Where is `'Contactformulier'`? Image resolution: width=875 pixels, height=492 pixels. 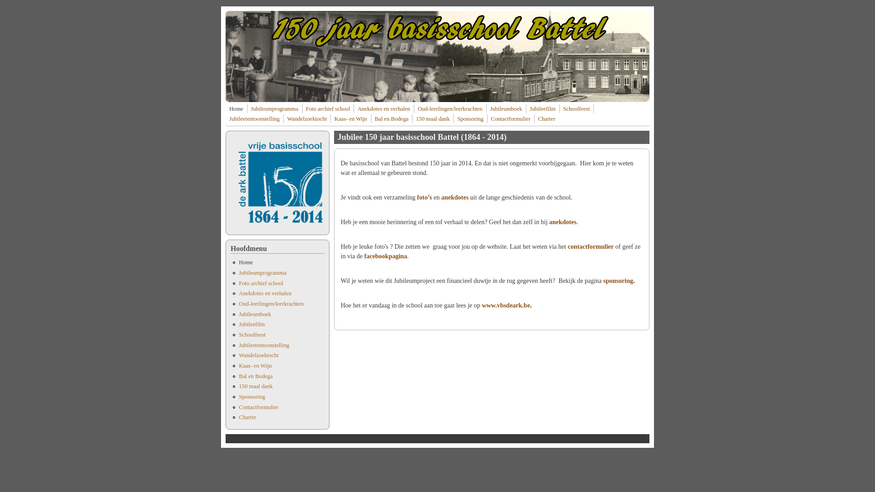
'Contactformulier' is located at coordinates (510, 118).